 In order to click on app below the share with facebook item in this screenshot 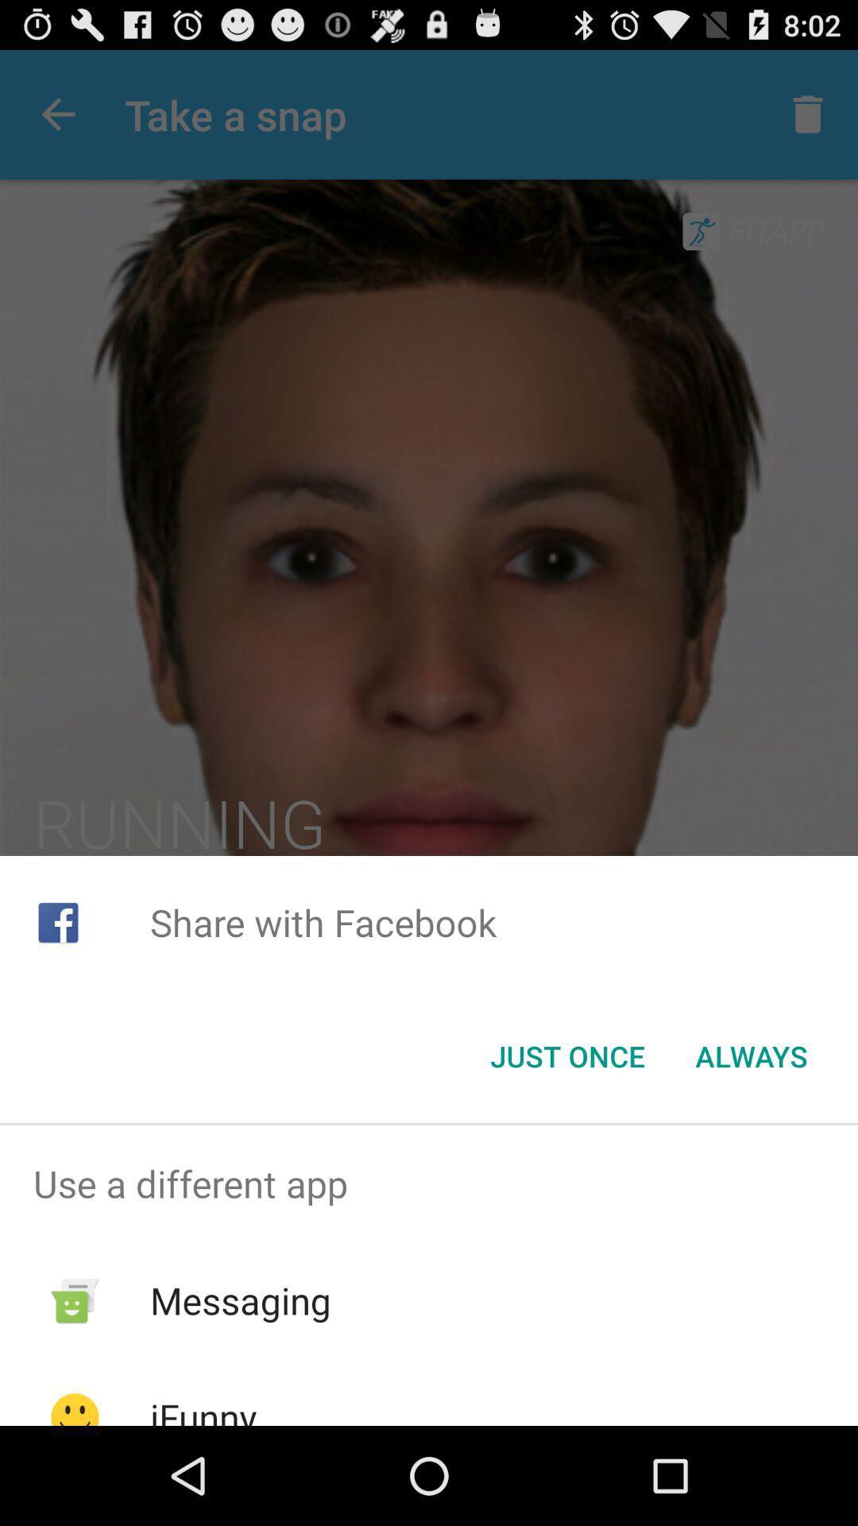, I will do `click(566, 1056)`.